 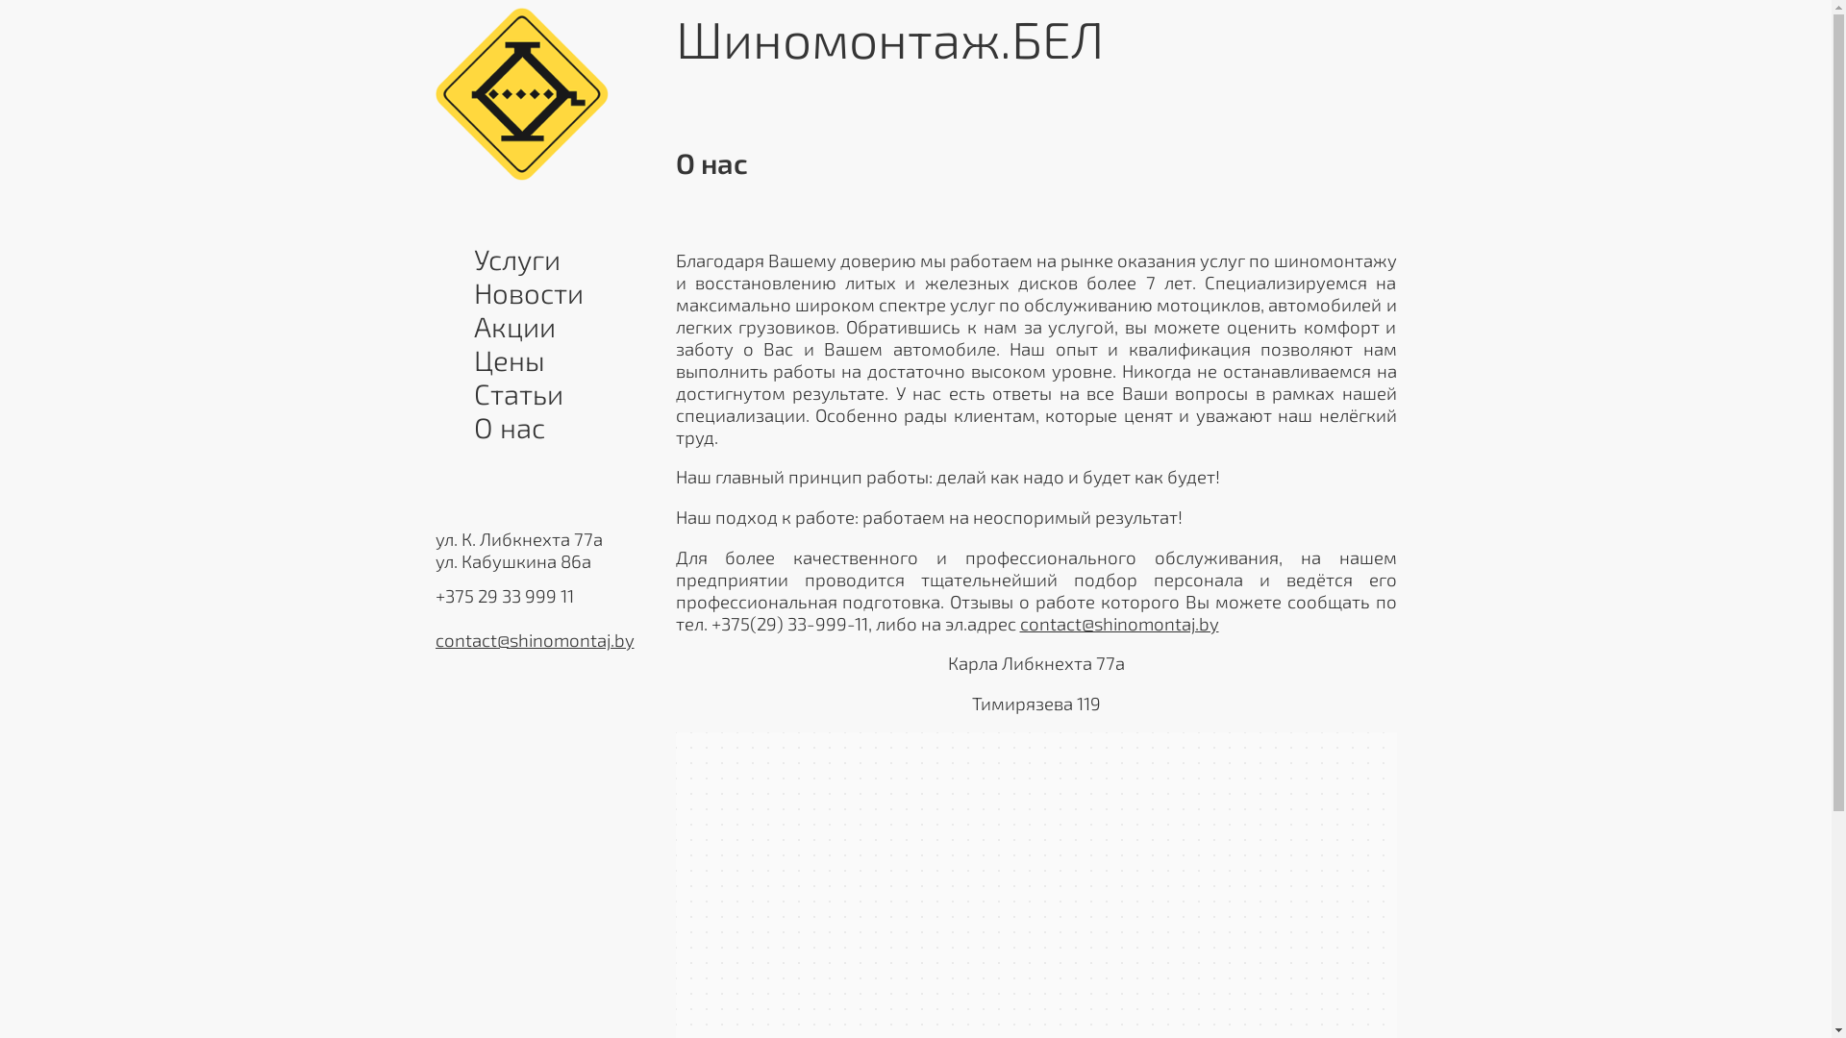 I want to click on 'contact@shinomontaj.by', so click(x=534, y=639).